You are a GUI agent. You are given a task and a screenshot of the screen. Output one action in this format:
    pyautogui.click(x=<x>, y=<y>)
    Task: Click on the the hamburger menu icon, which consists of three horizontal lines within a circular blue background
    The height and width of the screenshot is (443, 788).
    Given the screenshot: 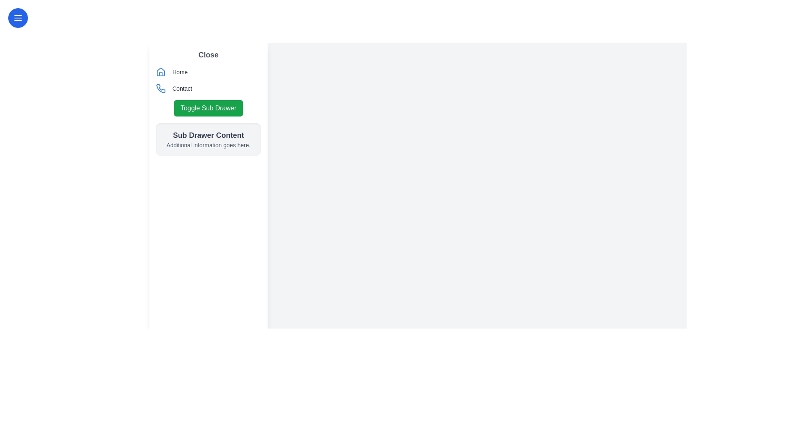 What is the action you would take?
    pyautogui.click(x=18, y=18)
    